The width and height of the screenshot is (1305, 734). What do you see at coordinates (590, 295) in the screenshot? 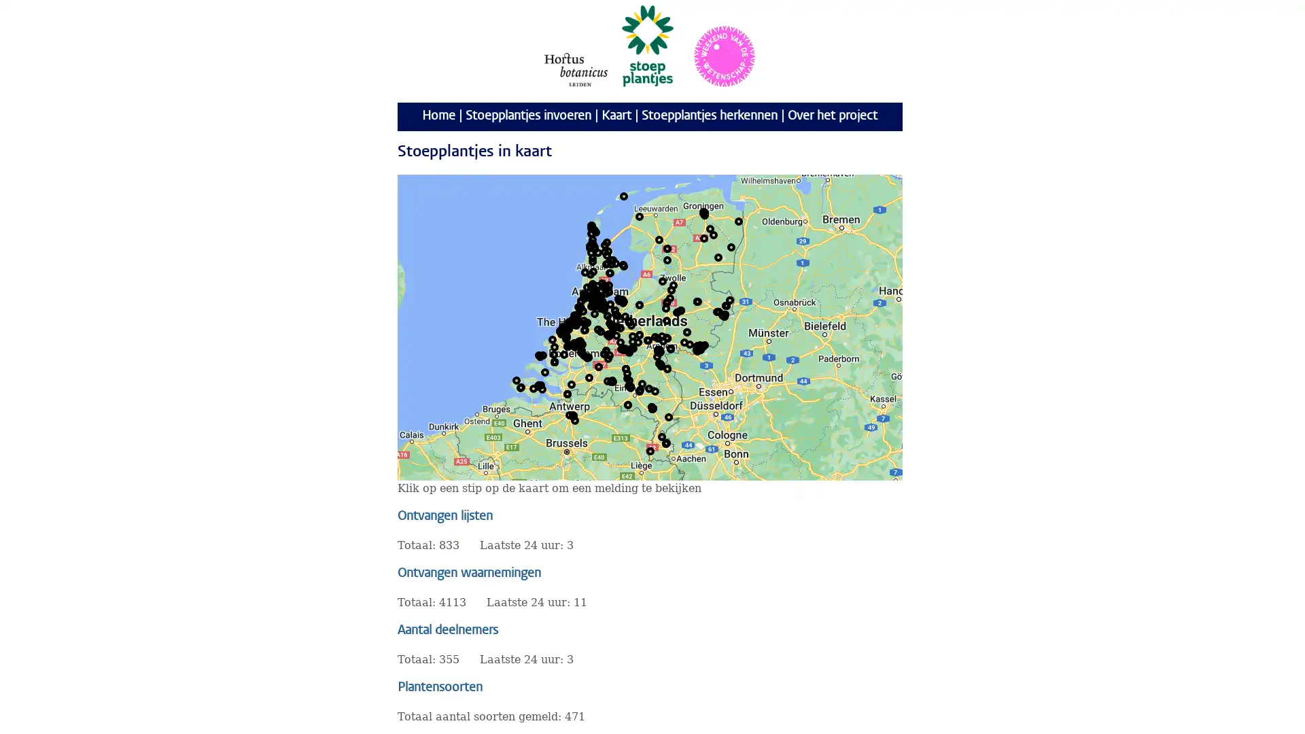
I see `Telling van op 29 oktober 2021` at bounding box center [590, 295].